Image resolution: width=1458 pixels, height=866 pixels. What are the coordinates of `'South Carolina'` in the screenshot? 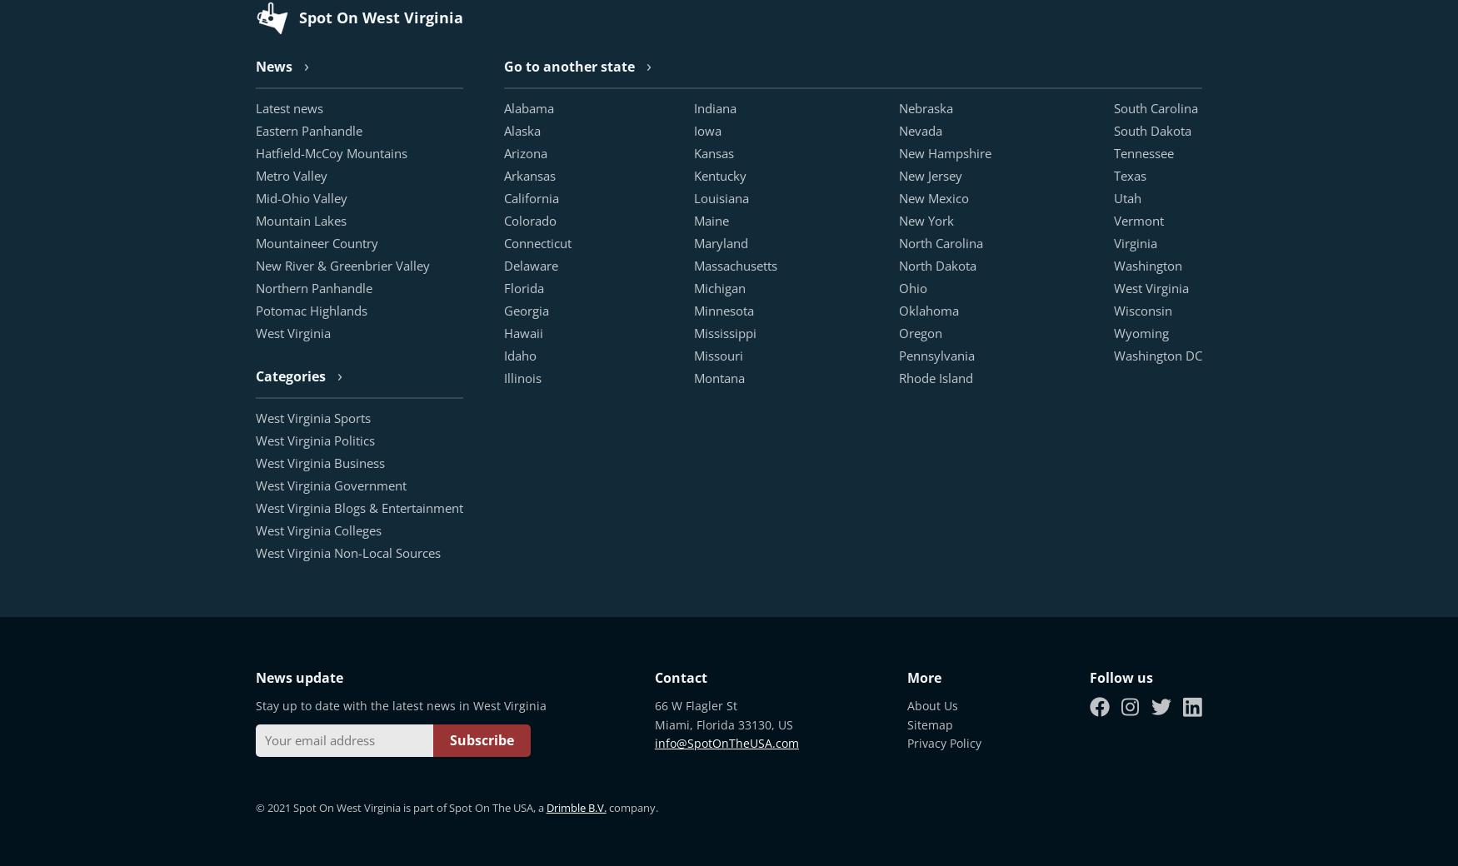 It's located at (1155, 106).